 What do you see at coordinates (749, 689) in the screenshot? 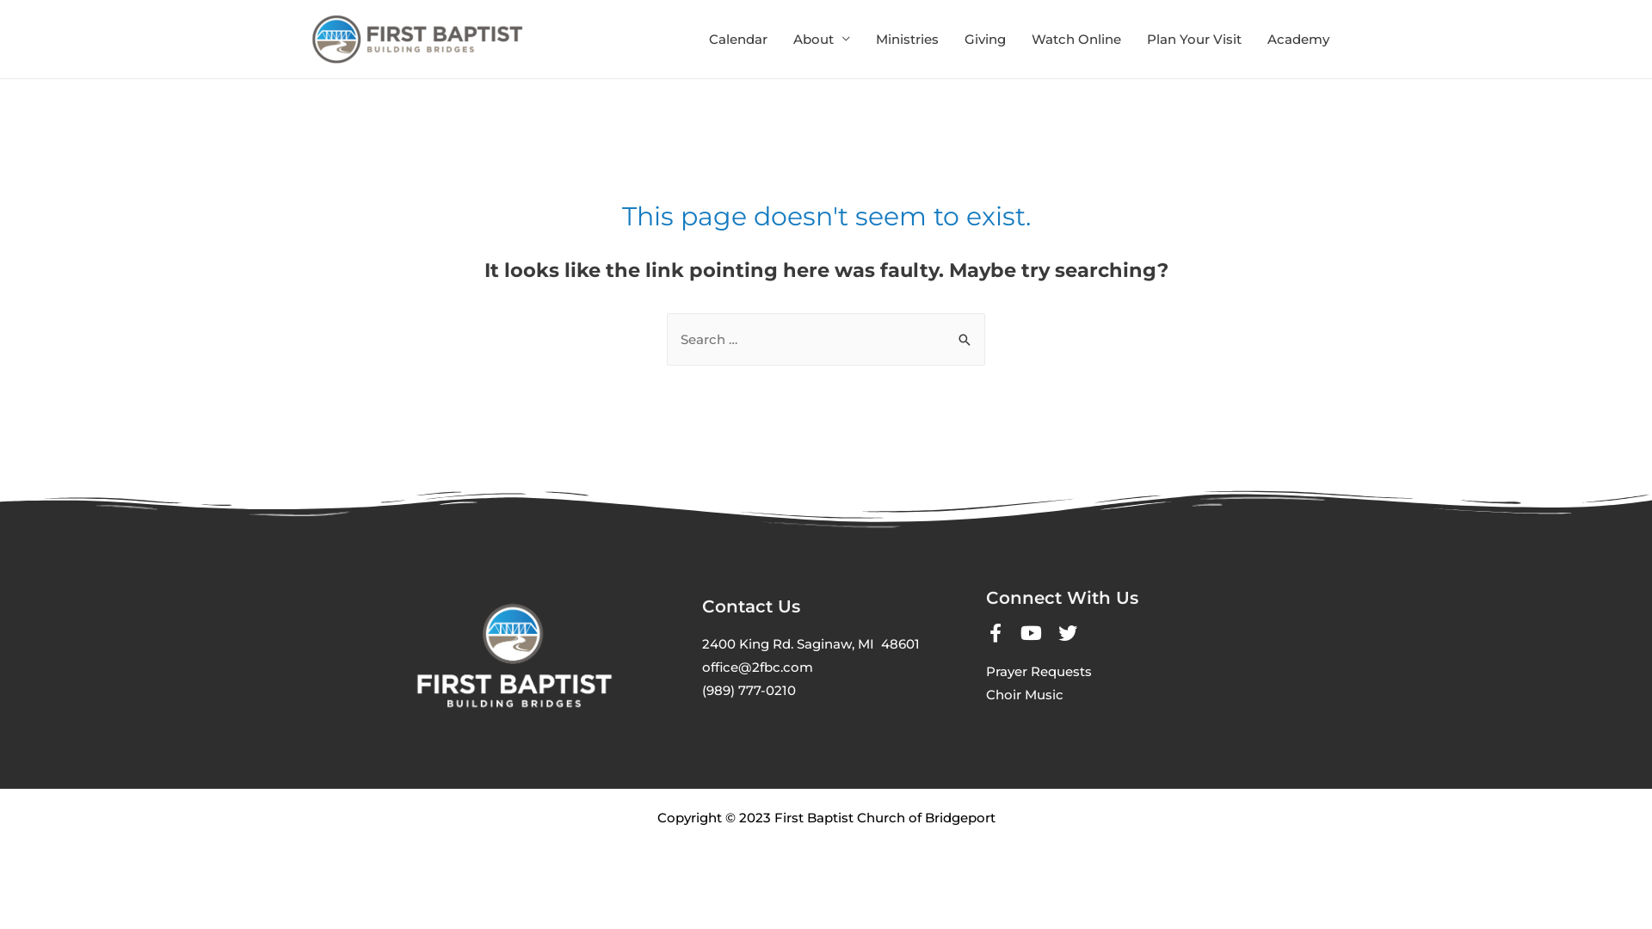
I see `'(989) 777-0210'` at bounding box center [749, 689].